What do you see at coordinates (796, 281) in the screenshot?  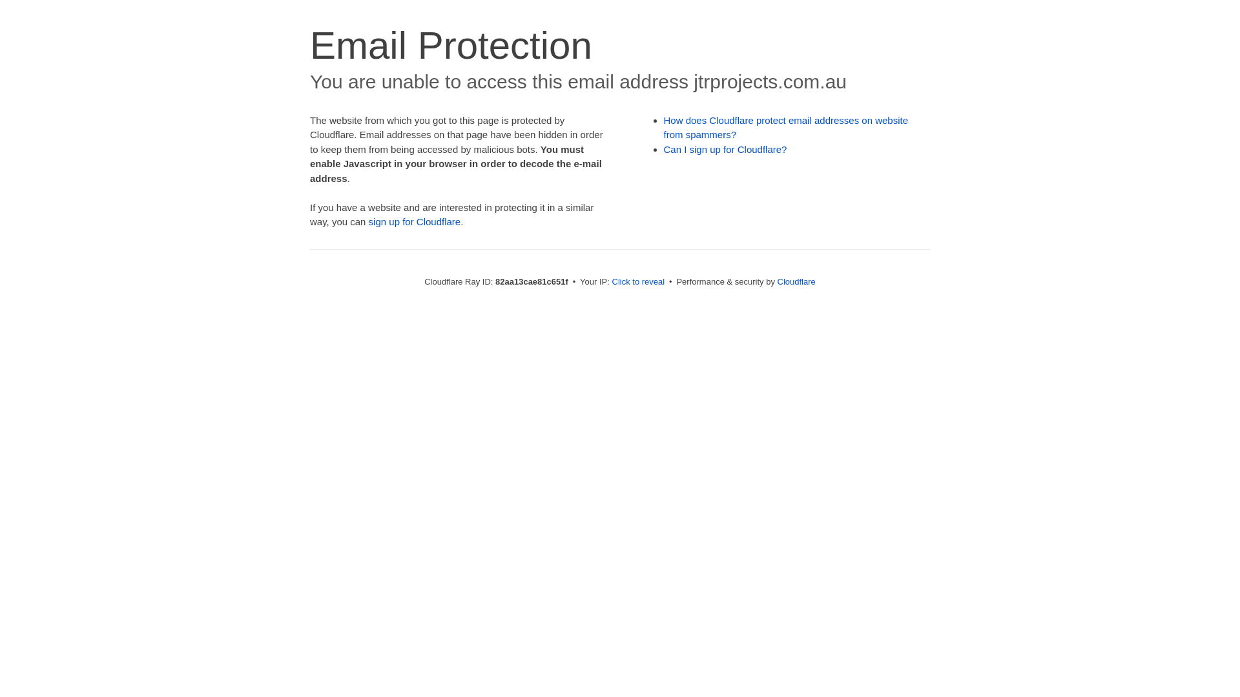 I see `'Cloudflare'` at bounding box center [796, 281].